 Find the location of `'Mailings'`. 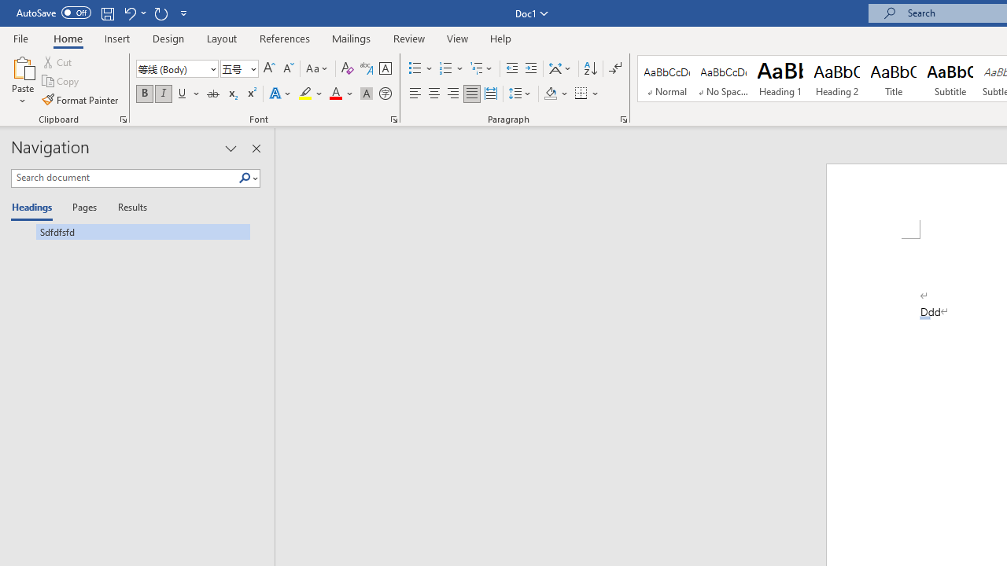

'Mailings' is located at coordinates (351, 38).